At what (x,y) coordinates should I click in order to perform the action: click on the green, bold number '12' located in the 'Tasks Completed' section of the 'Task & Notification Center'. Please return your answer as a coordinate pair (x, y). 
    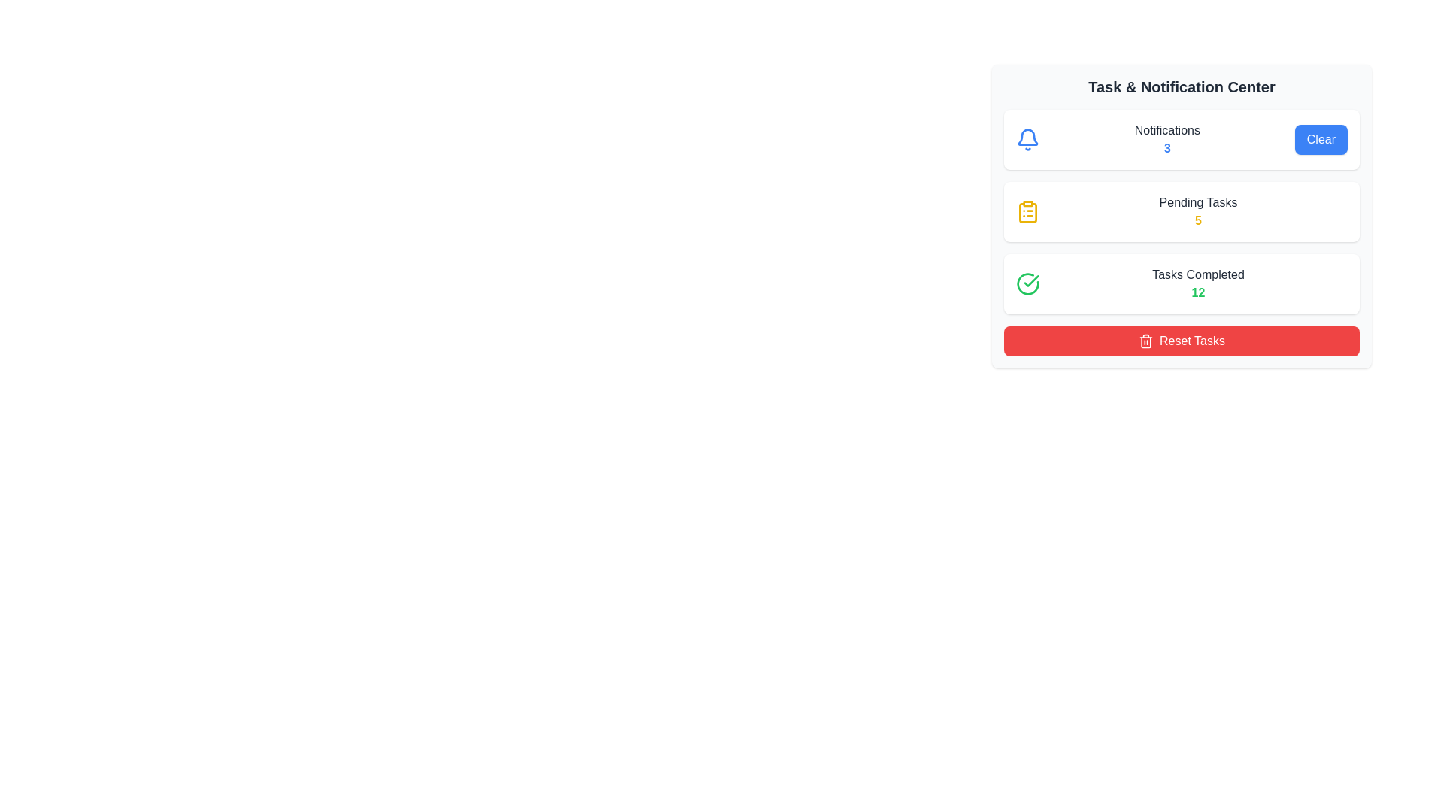
    Looking at the image, I should click on (1197, 292).